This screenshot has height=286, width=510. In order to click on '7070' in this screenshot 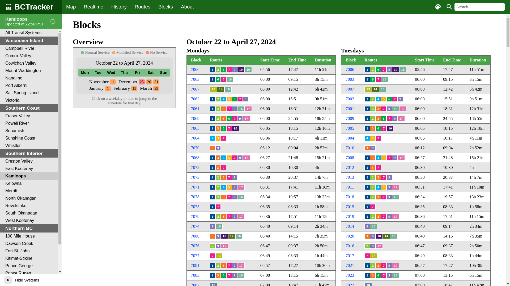, I will do `click(191, 148)`.